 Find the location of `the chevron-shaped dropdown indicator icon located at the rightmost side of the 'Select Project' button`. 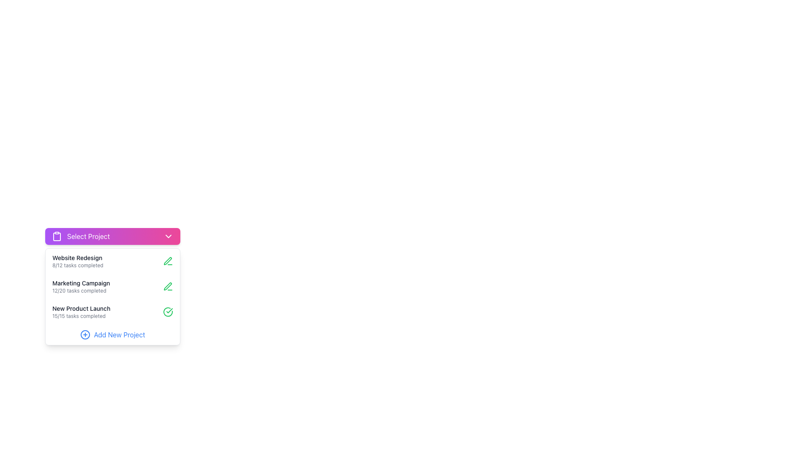

the chevron-shaped dropdown indicator icon located at the rightmost side of the 'Select Project' button is located at coordinates (168, 236).